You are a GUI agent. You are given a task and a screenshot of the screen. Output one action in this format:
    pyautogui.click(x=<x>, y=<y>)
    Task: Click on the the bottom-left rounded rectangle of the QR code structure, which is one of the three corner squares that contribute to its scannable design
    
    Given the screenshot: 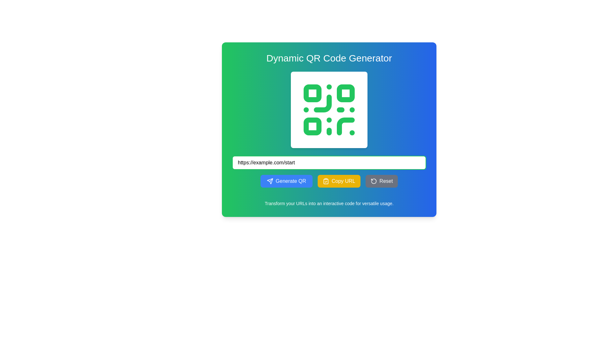 What is the action you would take?
    pyautogui.click(x=313, y=126)
    